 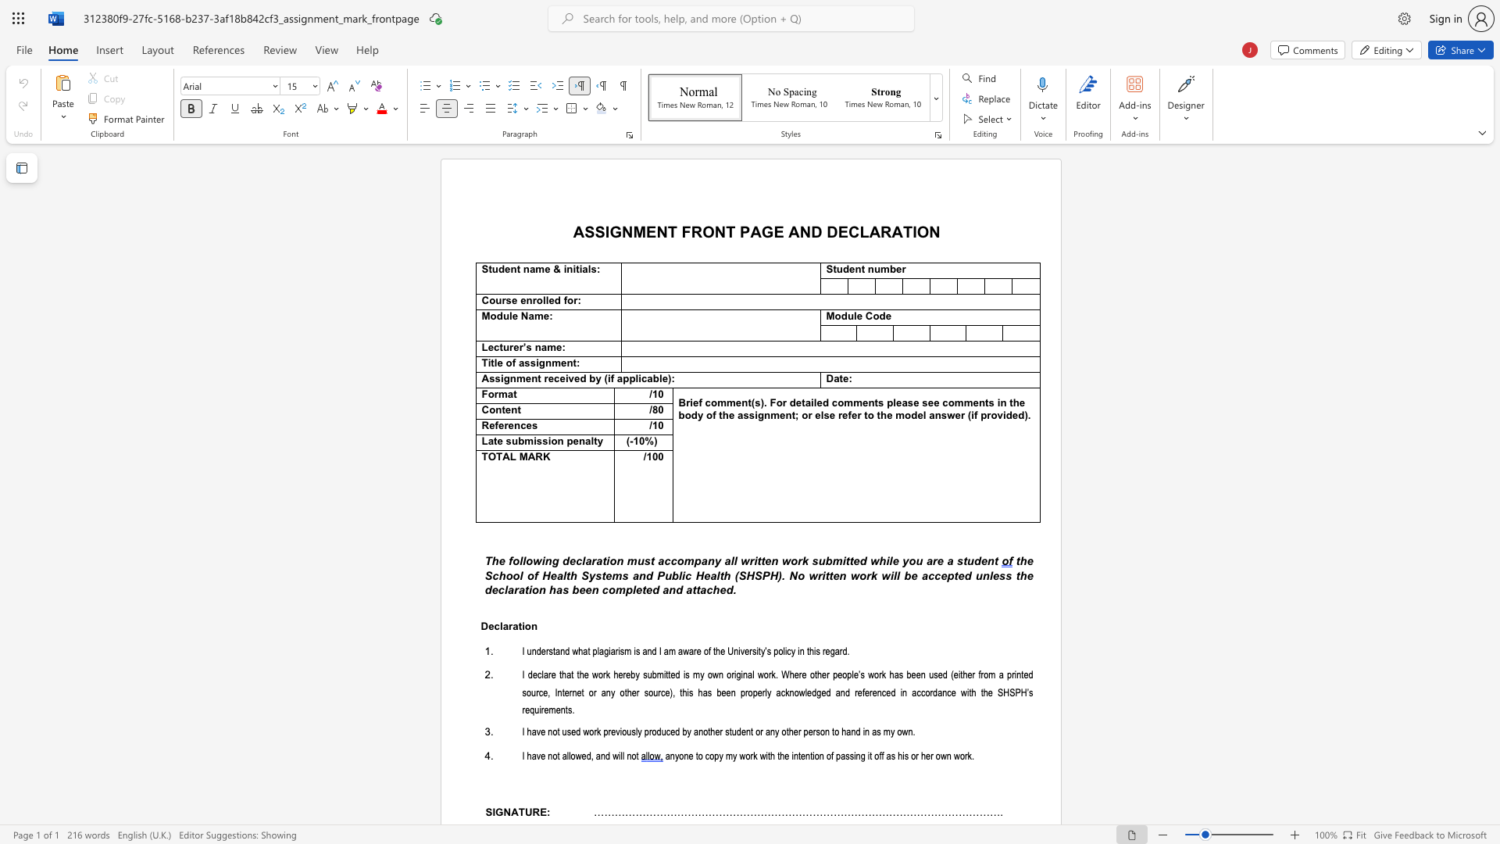 I want to click on the subset text "TAL" within the text "TOTAL MARK", so click(x=495, y=457).